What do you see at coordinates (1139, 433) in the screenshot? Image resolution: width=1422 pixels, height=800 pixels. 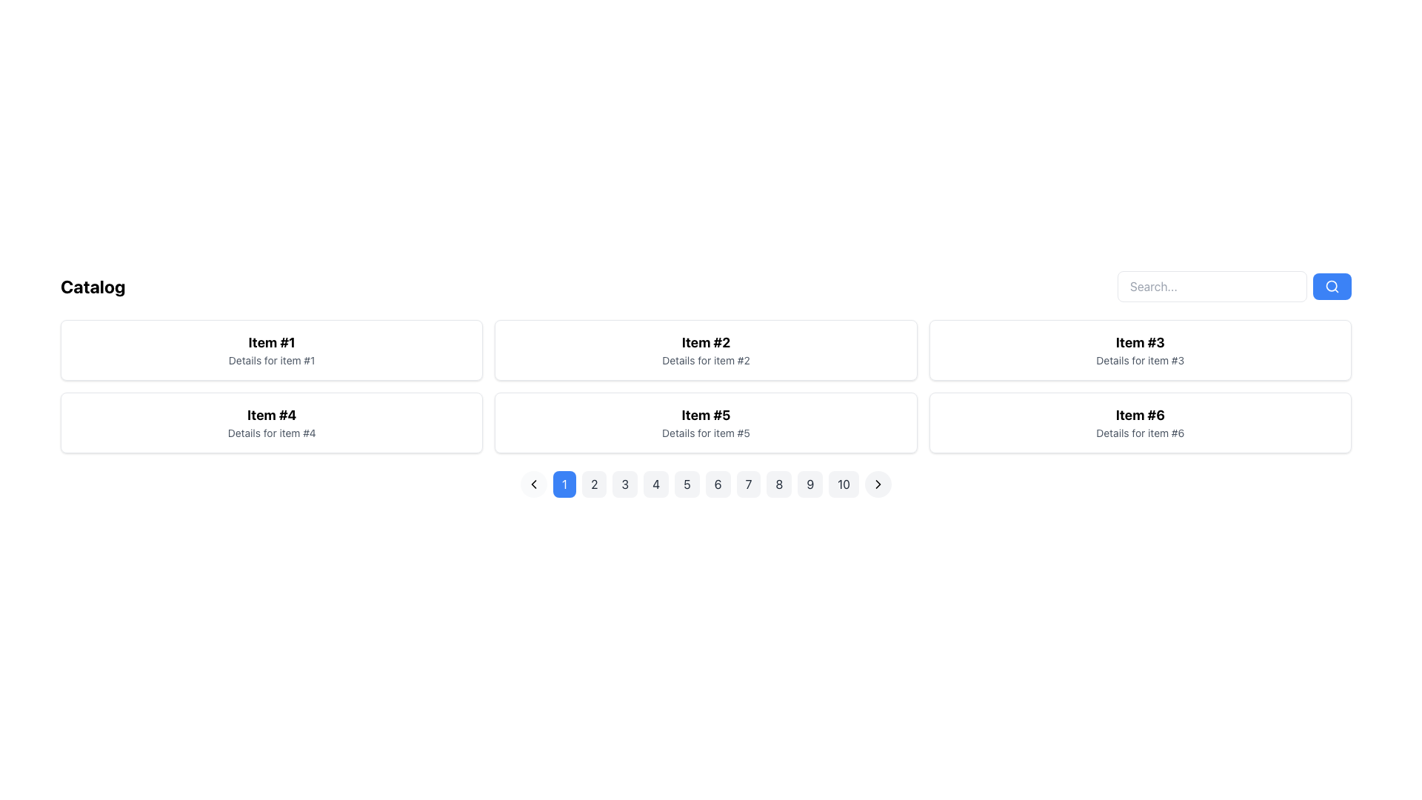 I see `the static text label reading 'Details for item #6', which is positioned below the bold heading 'Item #6' in the second row, third column of the catalog grid` at bounding box center [1139, 433].